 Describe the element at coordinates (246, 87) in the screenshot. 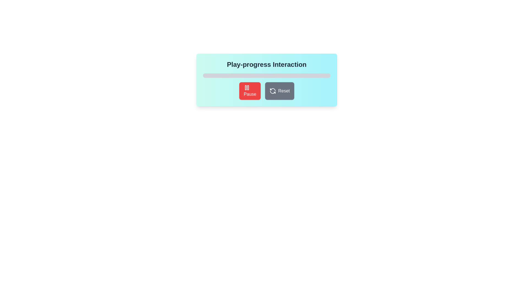

I see `the left vertical bar of the pause button icon, which visually represents the pause action within the control panel interface` at that location.